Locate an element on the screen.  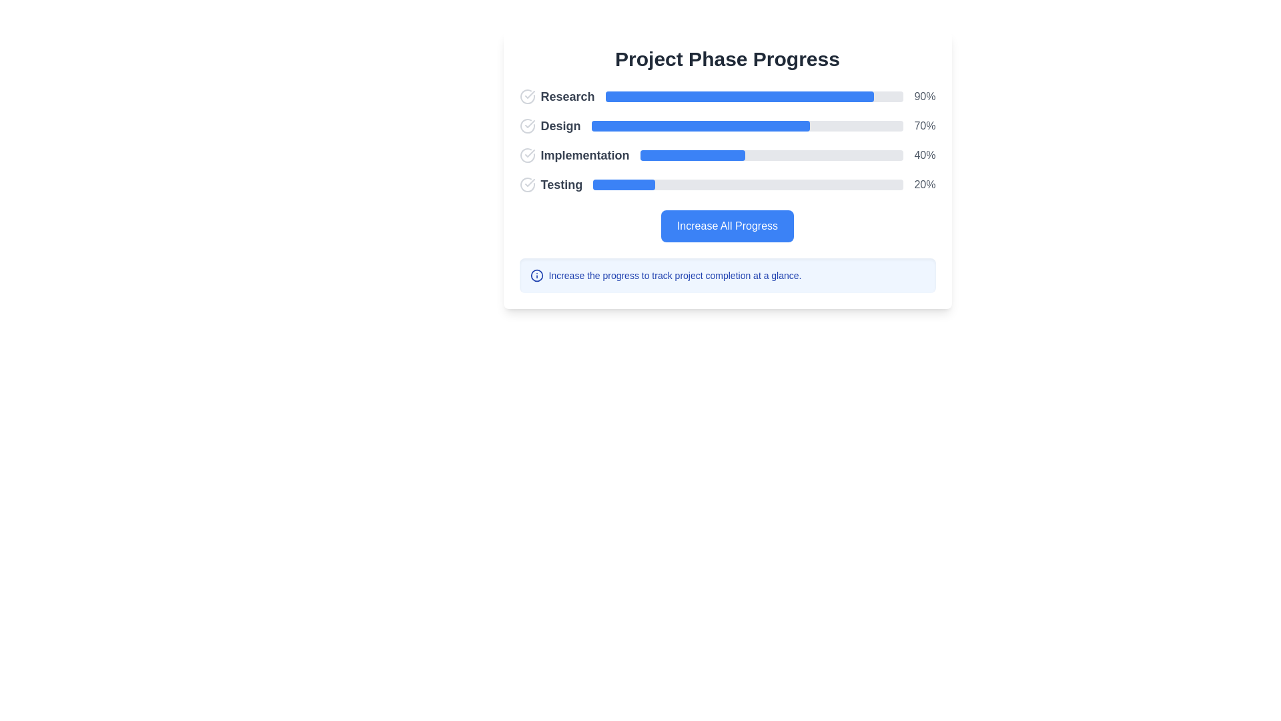
the Progress bar indicating the 'Design' phase, which is the second bar in the vertical sequence and shows 70% completion is located at coordinates (700, 126).